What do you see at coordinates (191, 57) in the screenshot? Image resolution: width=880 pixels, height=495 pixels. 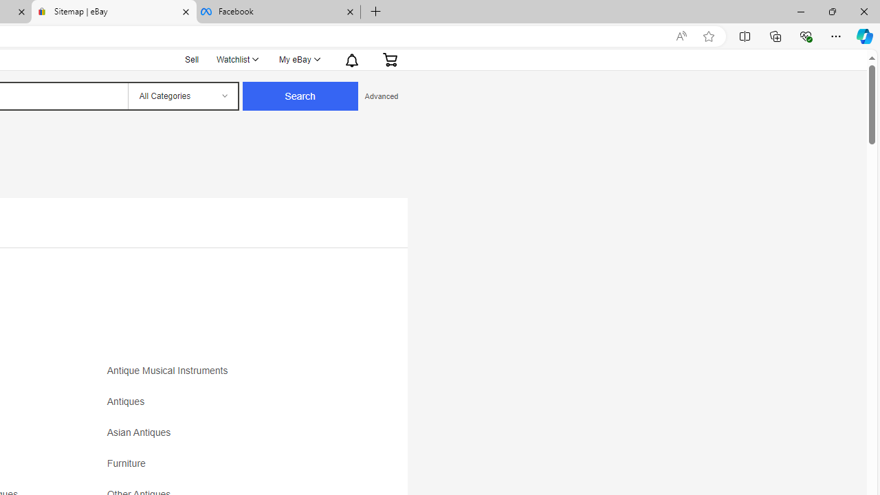 I see `'Sell'` at bounding box center [191, 57].